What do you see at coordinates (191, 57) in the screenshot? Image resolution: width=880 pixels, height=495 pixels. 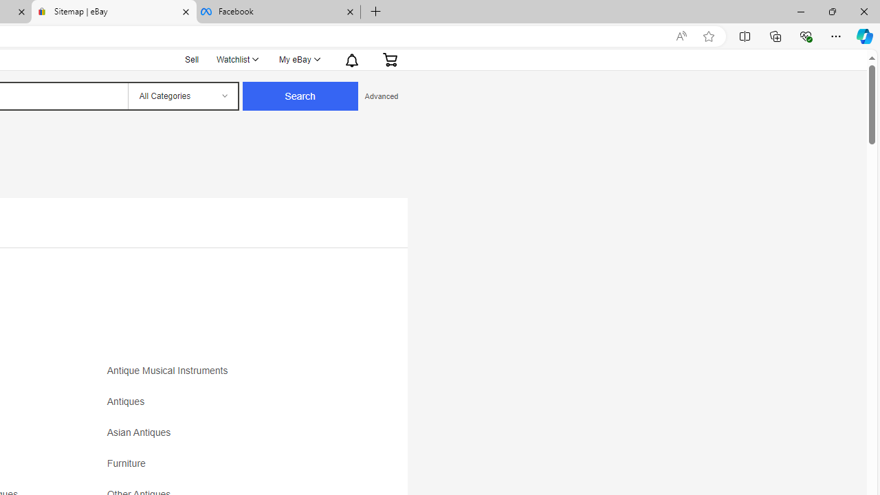 I see `'Sell'` at bounding box center [191, 57].